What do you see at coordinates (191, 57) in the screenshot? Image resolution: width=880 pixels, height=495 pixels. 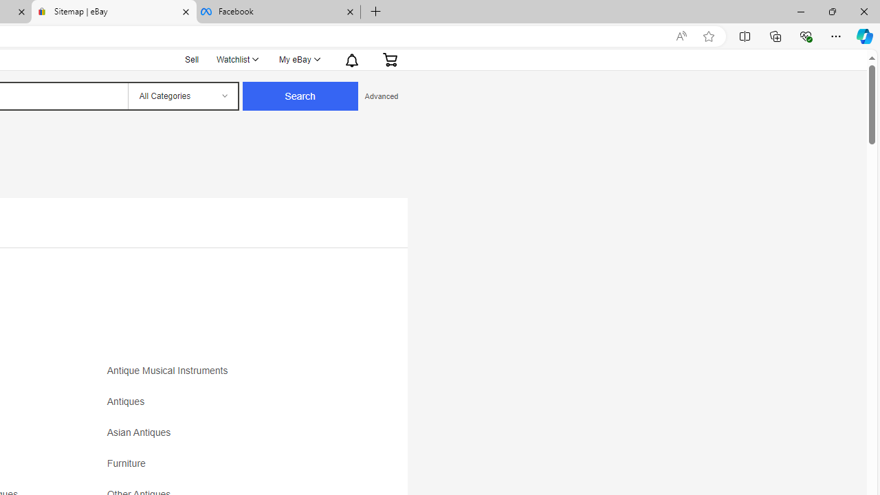 I see `'Sell'` at bounding box center [191, 57].